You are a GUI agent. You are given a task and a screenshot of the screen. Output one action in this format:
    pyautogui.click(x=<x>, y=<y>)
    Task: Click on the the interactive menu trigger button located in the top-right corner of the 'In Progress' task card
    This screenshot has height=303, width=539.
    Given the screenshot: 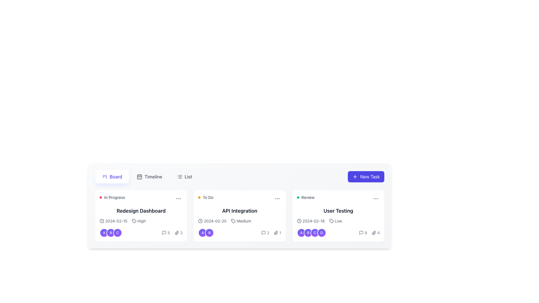 What is the action you would take?
    pyautogui.click(x=178, y=198)
    